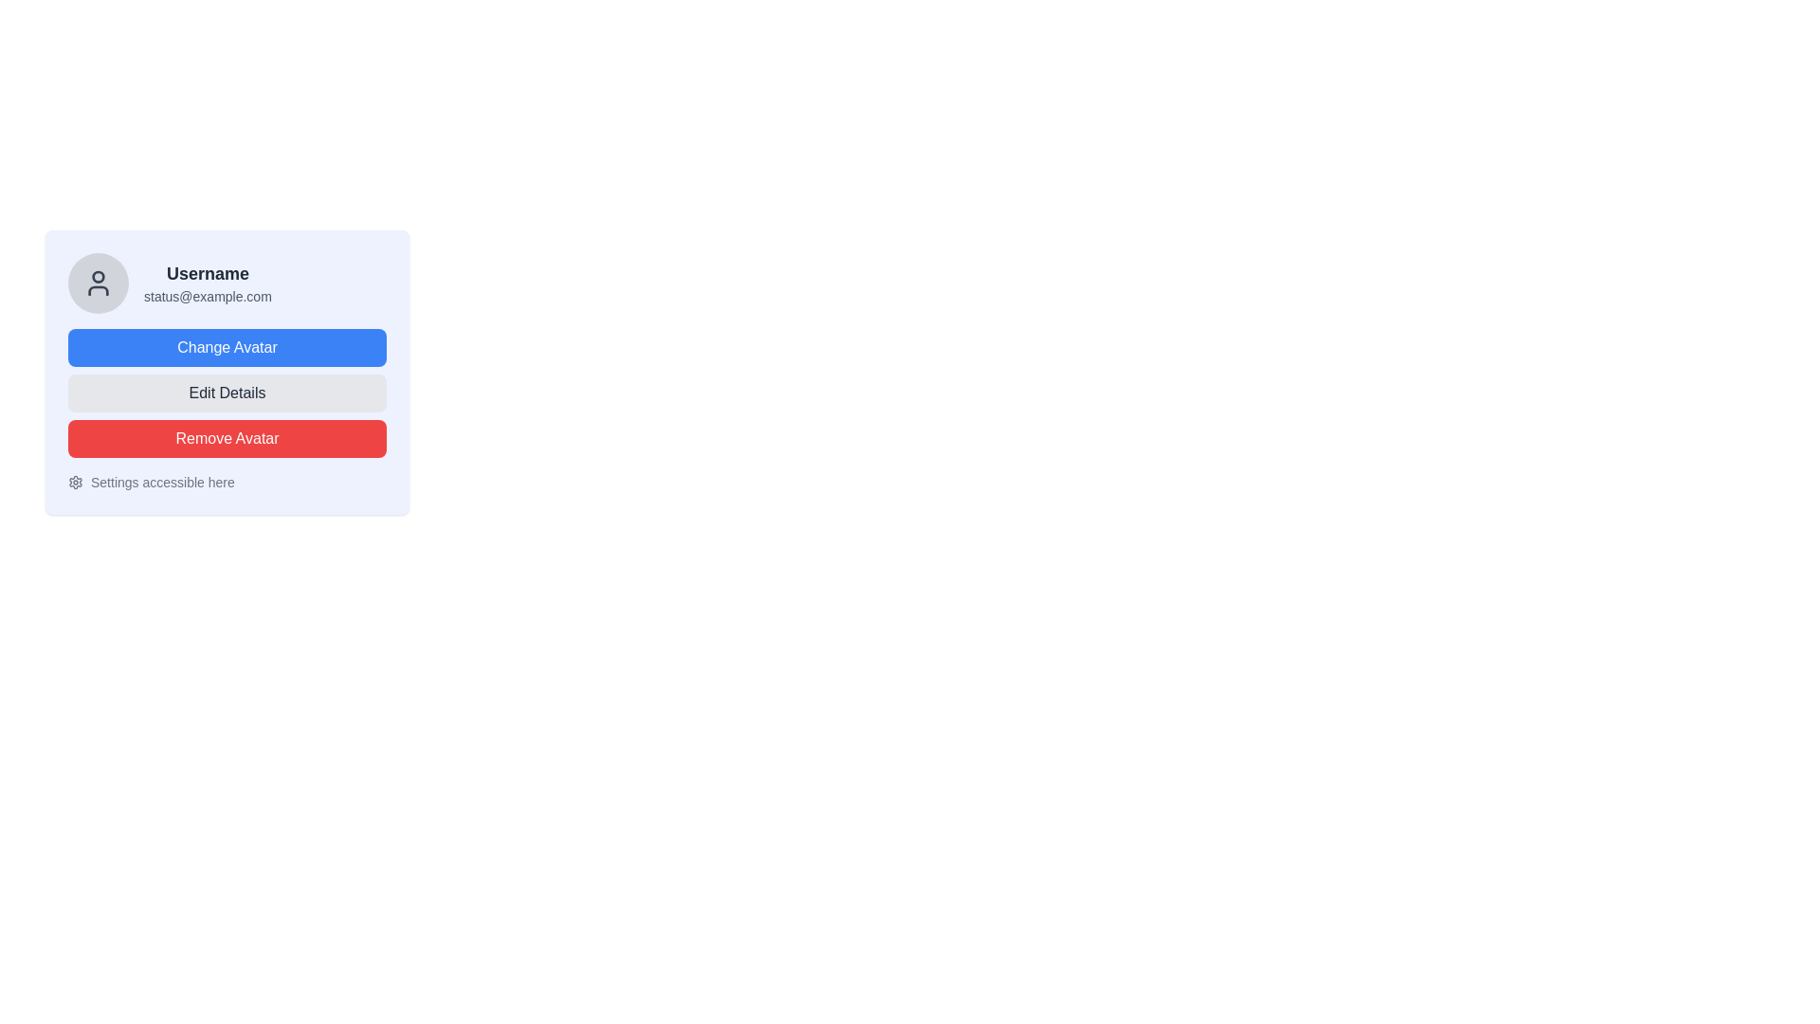 Image resolution: width=1820 pixels, height=1024 pixels. What do you see at coordinates (227, 347) in the screenshot?
I see `the 'Change Avatar' button, which is a blue rectangular button with white text located below the user profile section` at bounding box center [227, 347].